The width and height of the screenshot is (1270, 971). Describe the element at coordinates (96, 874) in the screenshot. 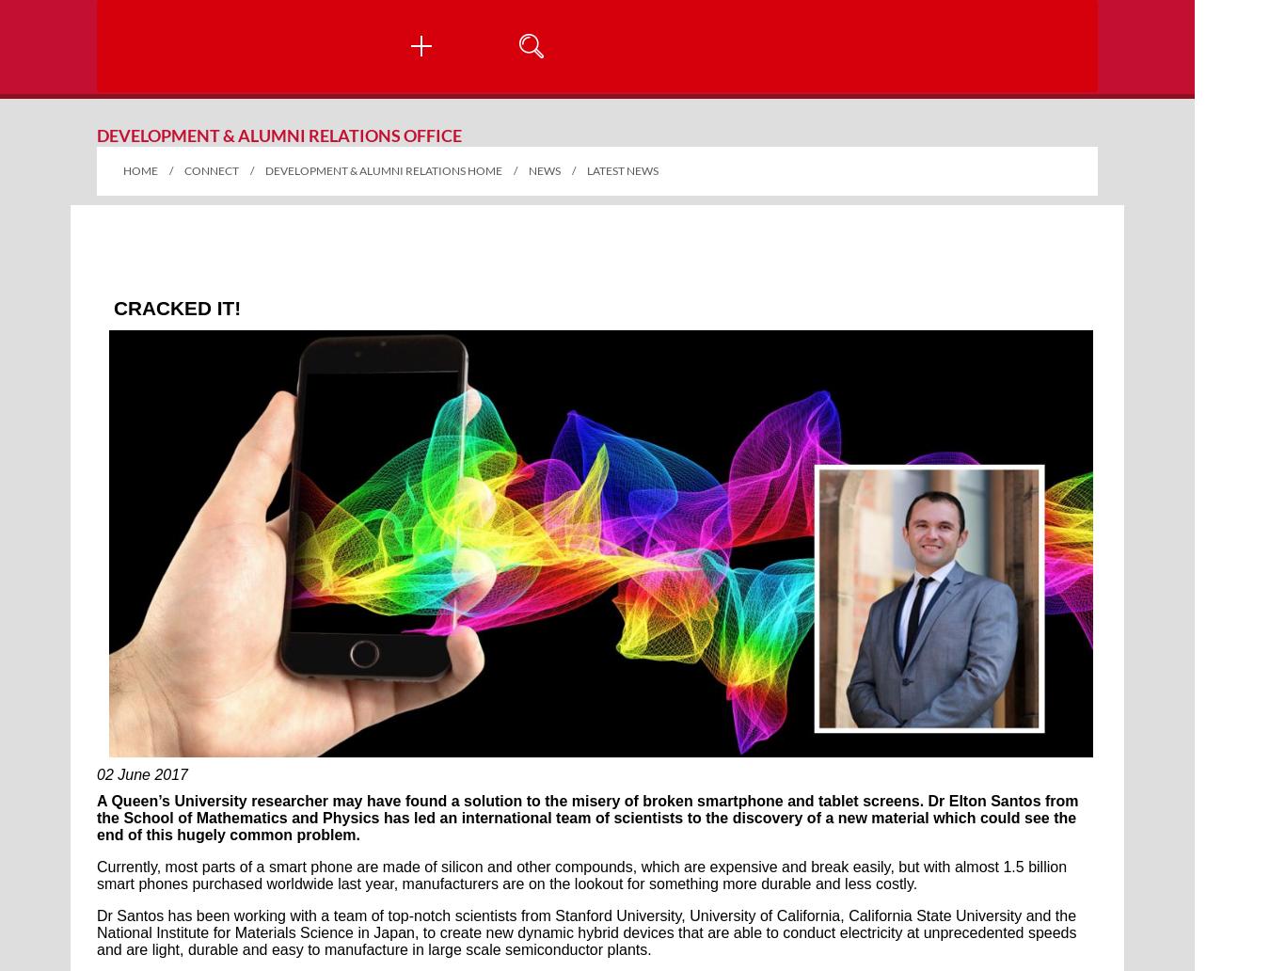

I see `'Currently, most parts of a smart phone are made of silicon and other compounds, which are expensive and break easily, but with almost 1.5 billion smart phones purchased worldwide last year, manufacturers are on the lookout for something more durable and less costly.'` at that location.